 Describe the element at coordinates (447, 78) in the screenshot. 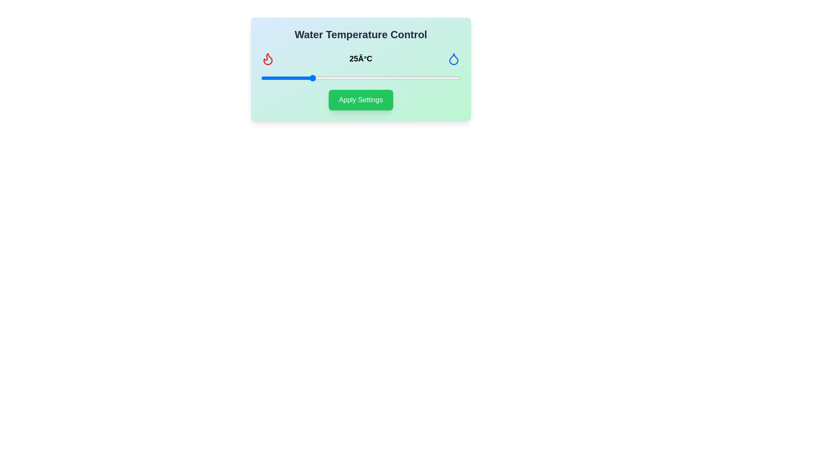

I see `the temperature to 93°C using the slider` at that location.